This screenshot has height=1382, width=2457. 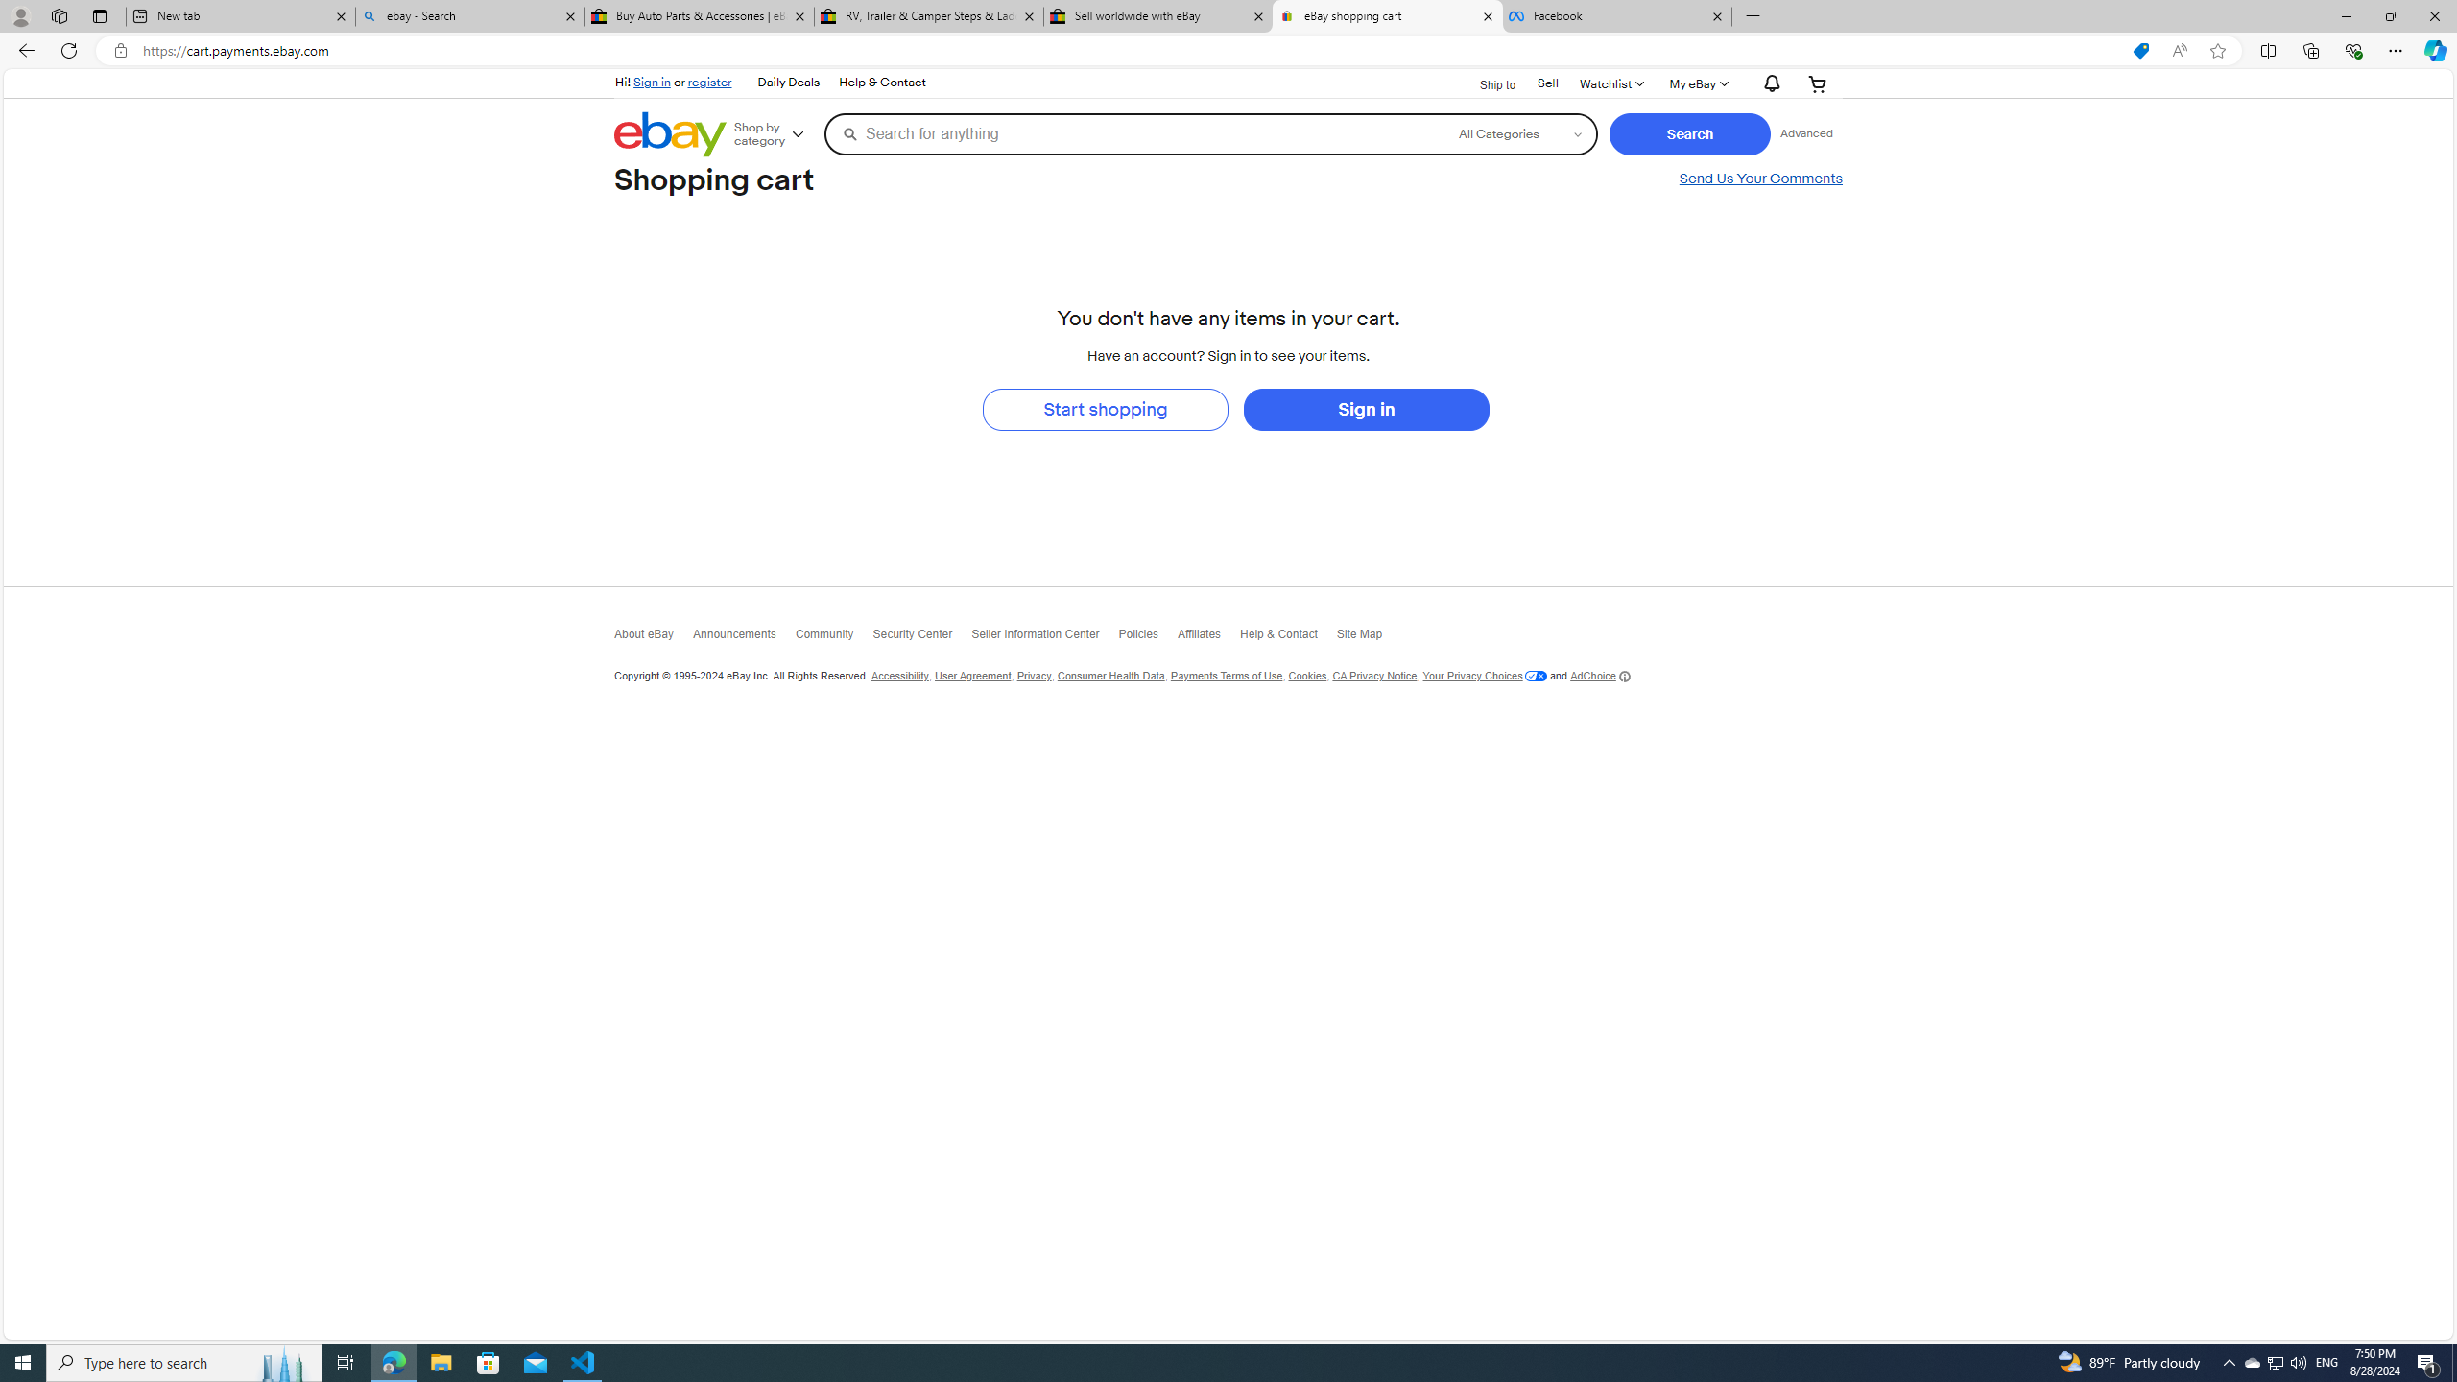 I want to click on 'Shop by category', so click(x=775, y=132).